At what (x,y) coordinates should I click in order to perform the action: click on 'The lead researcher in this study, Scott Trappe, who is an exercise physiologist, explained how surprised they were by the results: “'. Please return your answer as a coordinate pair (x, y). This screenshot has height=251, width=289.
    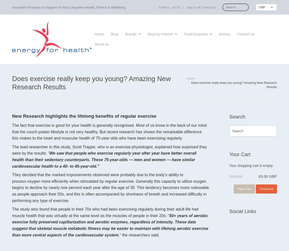
    Looking at the image, I should click on (109, 150).